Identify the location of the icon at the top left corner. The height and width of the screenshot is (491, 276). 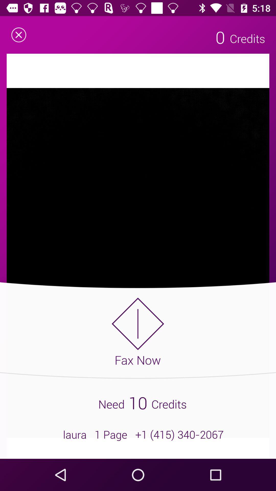
(18, 35).